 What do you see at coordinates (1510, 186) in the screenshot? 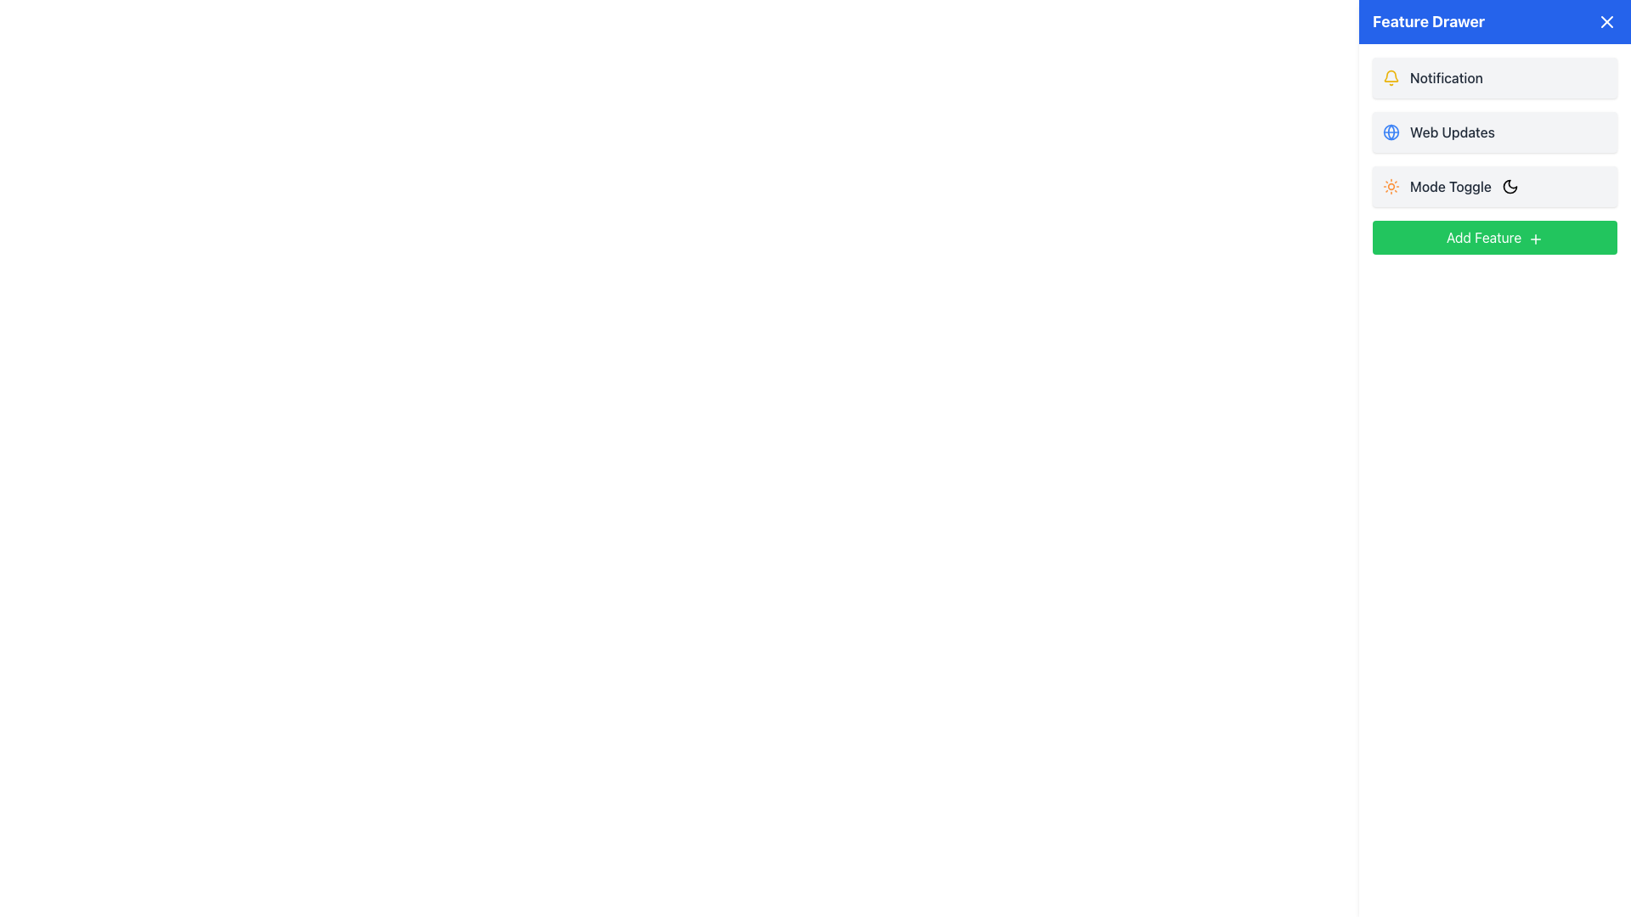
I see `the mode toggle icon located in the top-right area of the application interface, which visually indicates a mode such as dark mode` at bounding box center [1510, 186].